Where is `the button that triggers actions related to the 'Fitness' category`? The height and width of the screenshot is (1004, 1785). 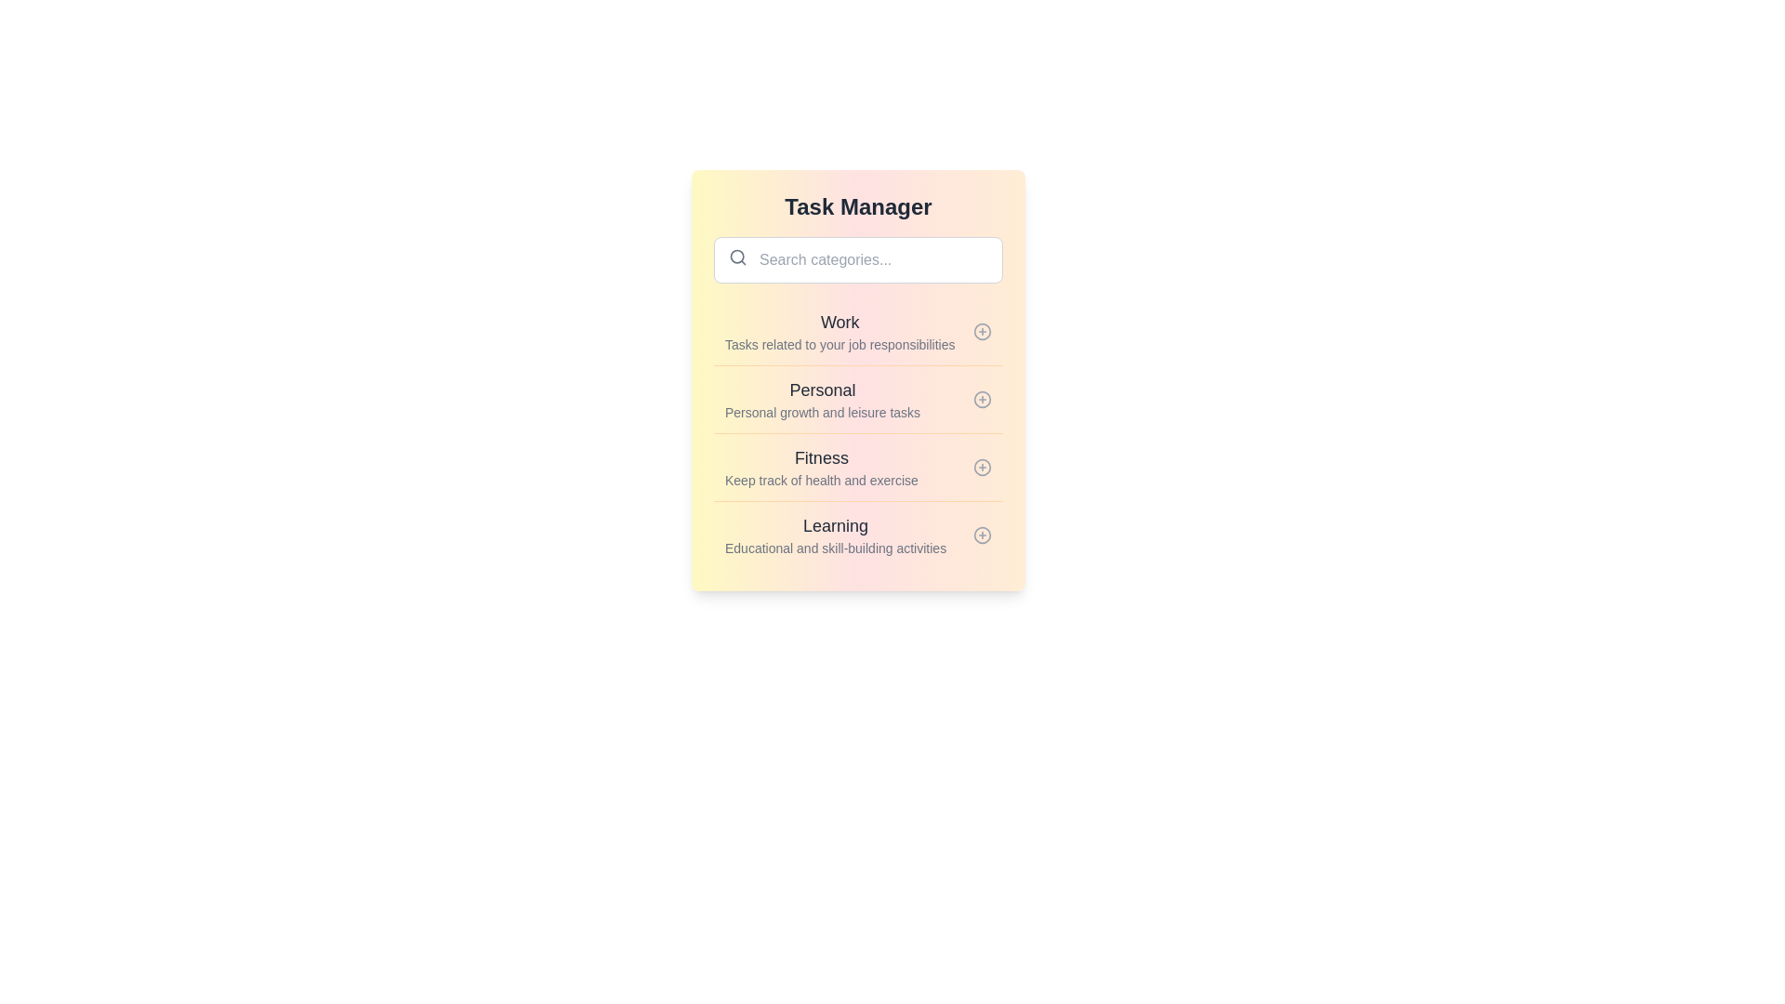 the button that triggers actions related to the 'Fitness' category is located at coordinates (981, 466).